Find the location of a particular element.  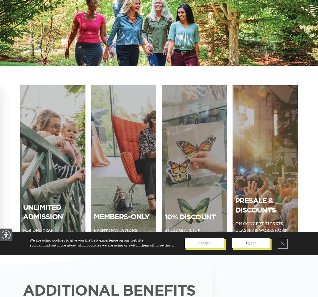

'Accept' is located at coordinates (204, 242).